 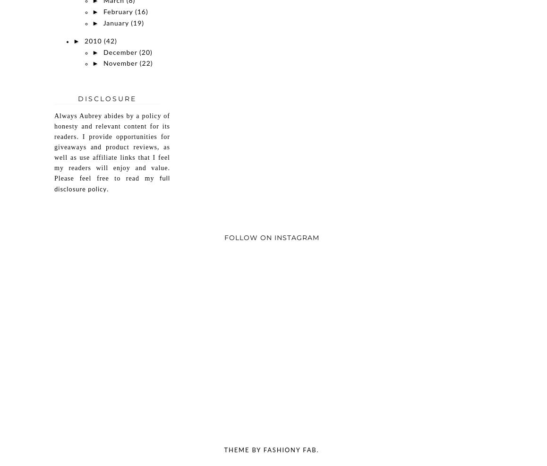 What do you see at coordinates (145, 52) in the screenshot?
I see `'(20)'` at bounding box center [145, 52].